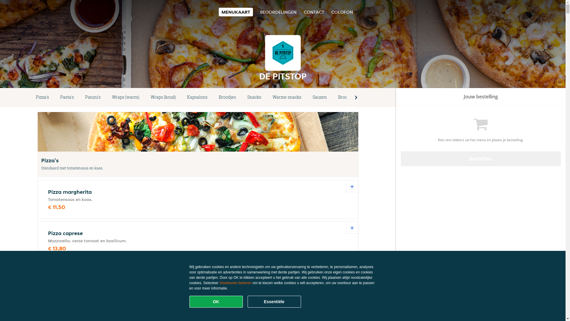  What do you see at coordinates (163, 97) in the screenshot?
I see `'Wraps (koud)'` at bounding box center [163, 97].